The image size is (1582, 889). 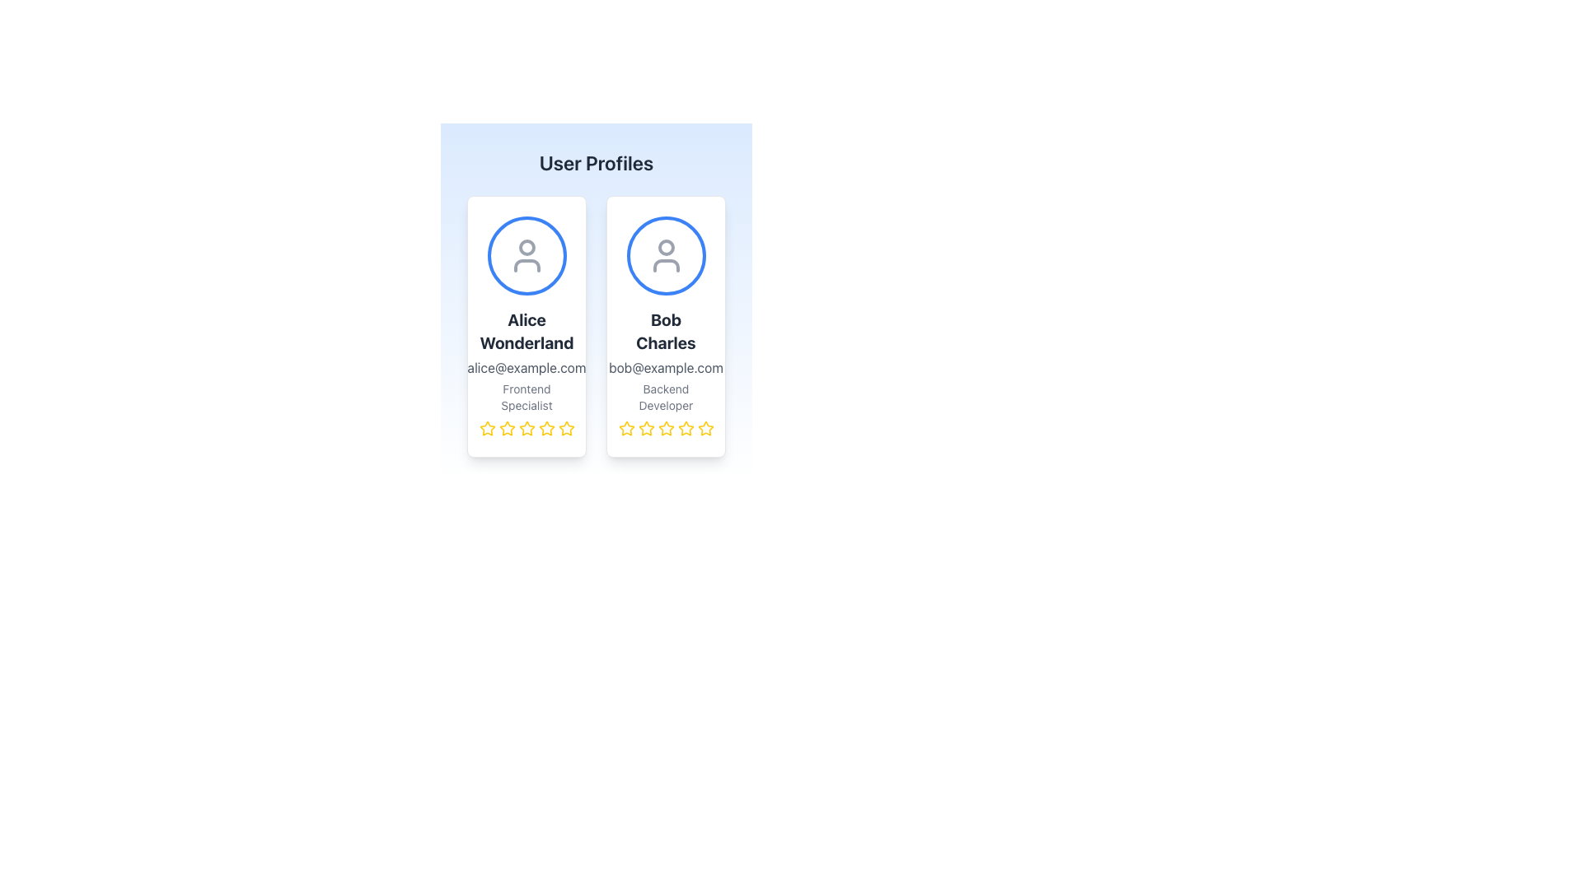 I want to click on the yellow star icon with a central red marking, which is the third star from the left in a row of five stars, located in the bottom section of the user profile card titled 'Bob Charles.', so click(x=666, y=427).